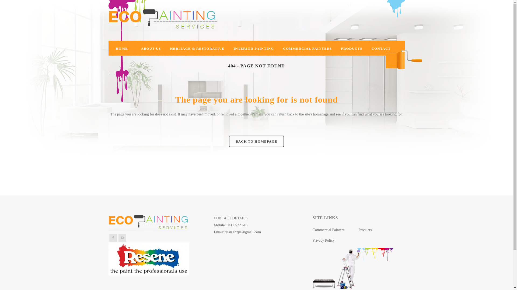  Describe the element at coordinates (197, 49) in the screenshot. I see `'HERITAGE & RESTORATIVE'` at that location.